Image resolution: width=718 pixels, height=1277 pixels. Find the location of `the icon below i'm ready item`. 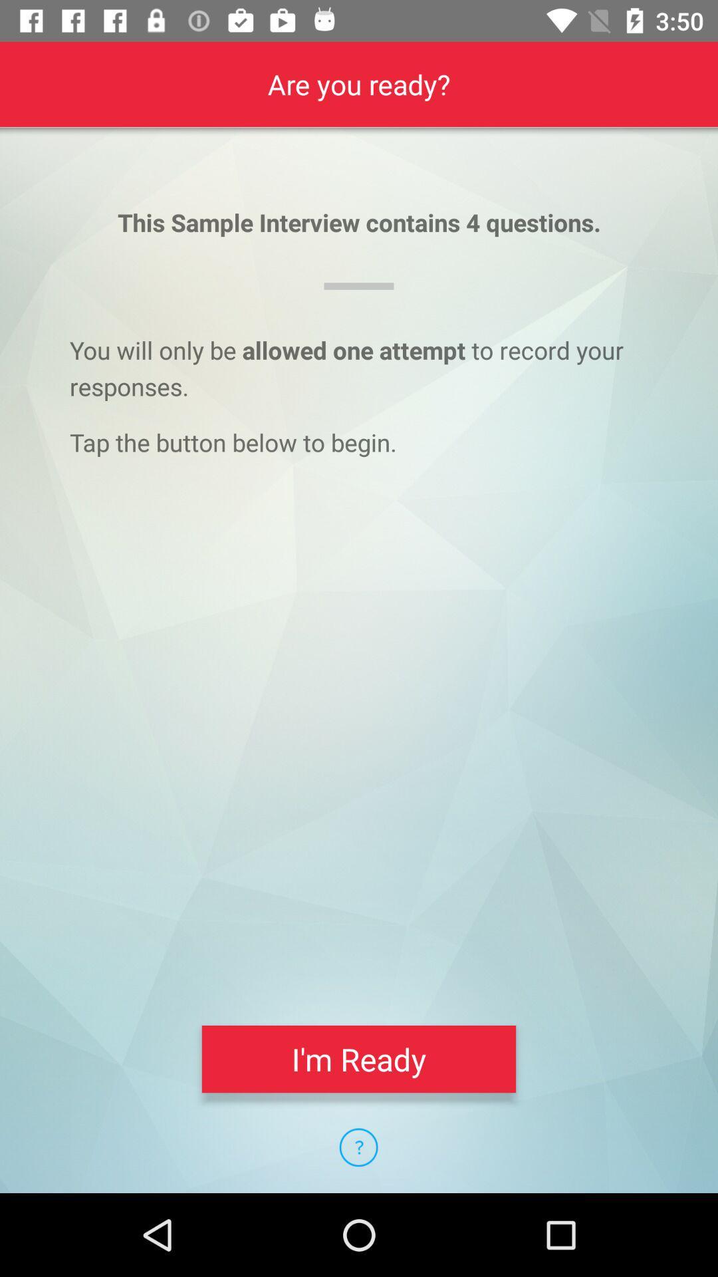

the icon below i'm ready item is located at coordinates (358, 1147).